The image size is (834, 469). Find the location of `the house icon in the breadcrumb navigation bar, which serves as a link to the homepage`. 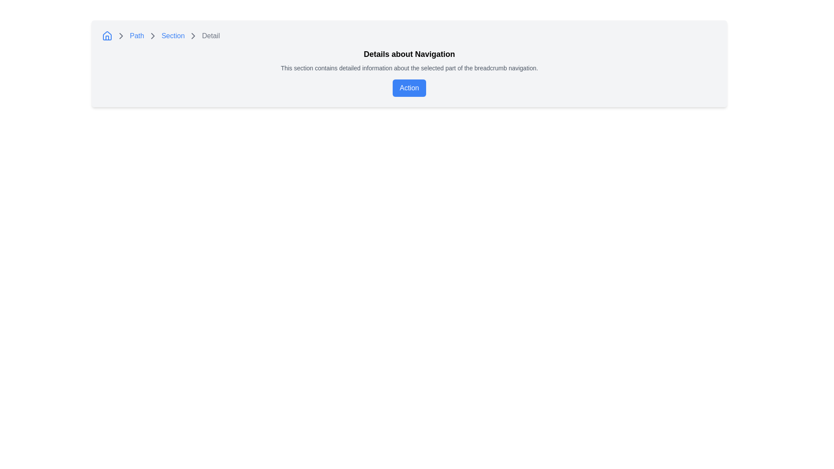

the house icon in the breadcrumb navigation bar, which serves as a link to the homepage is located at coordinates (106, 35).